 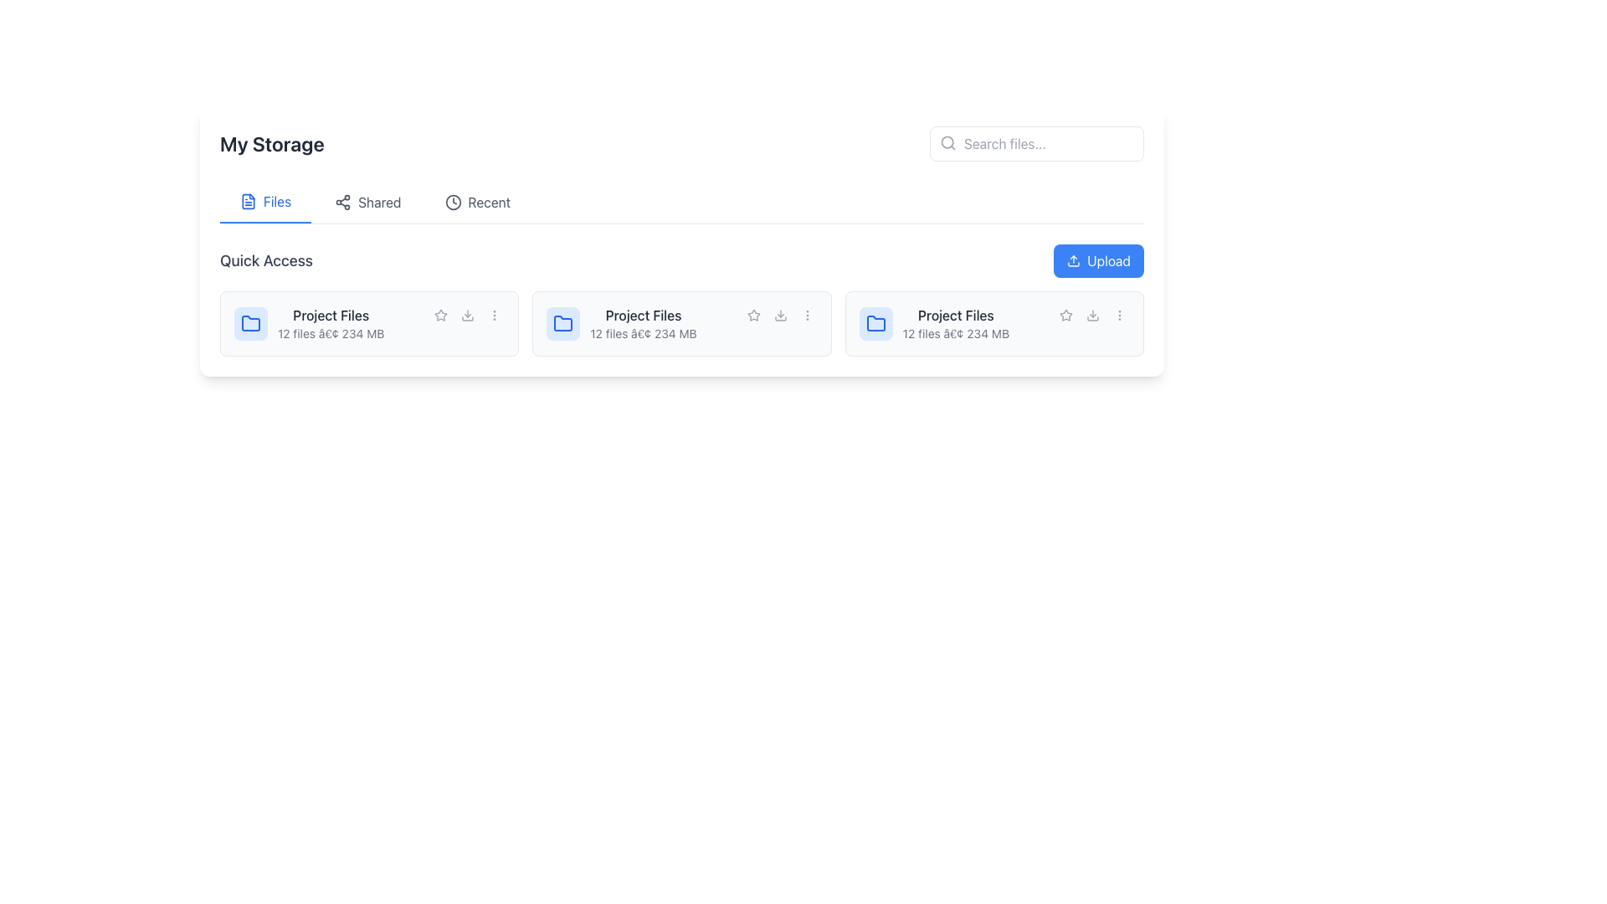 What do you see at coordinates (752, 316) in the screenshot?
I see `the first interactive star icon button in the action buttons cluster` at bounding box center [752, 316].